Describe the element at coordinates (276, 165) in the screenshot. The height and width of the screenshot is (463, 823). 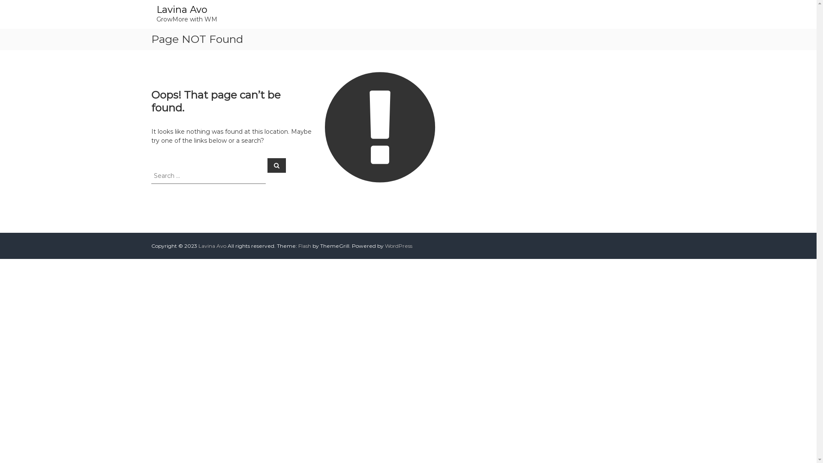
I see `'Search'` at that location.